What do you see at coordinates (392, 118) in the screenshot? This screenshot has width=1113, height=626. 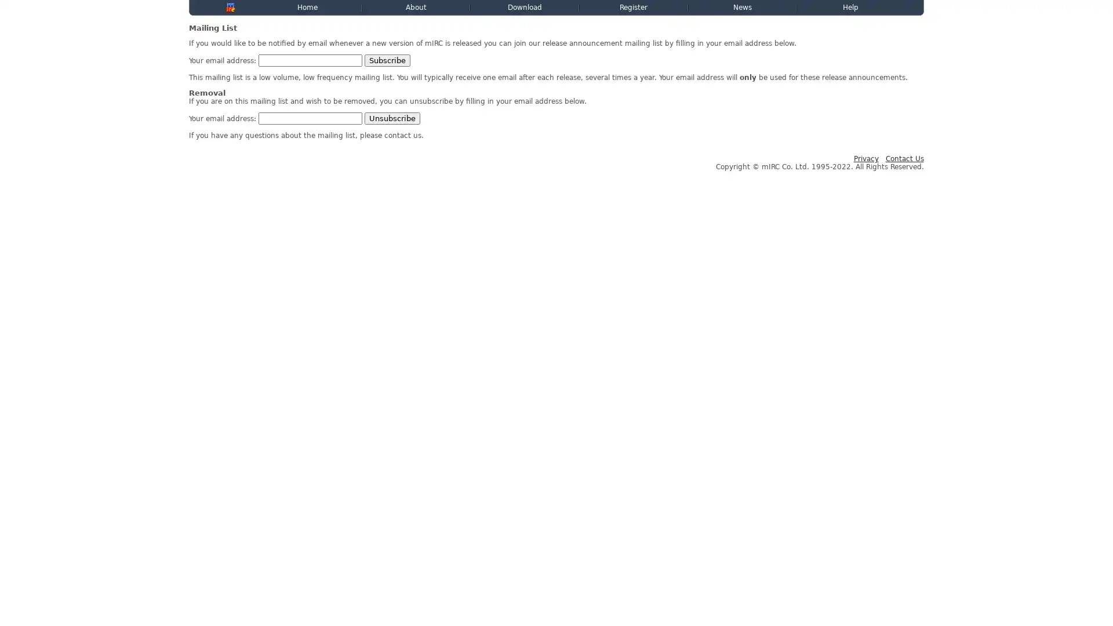 I see `Unsubscribe` at bounding box center [392, 118].